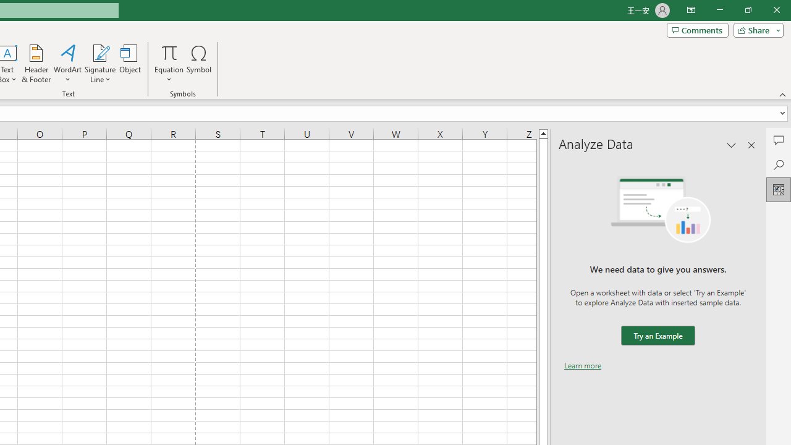 The image size is (791, 445). I want to click on 'Comments', so click(697, 29).